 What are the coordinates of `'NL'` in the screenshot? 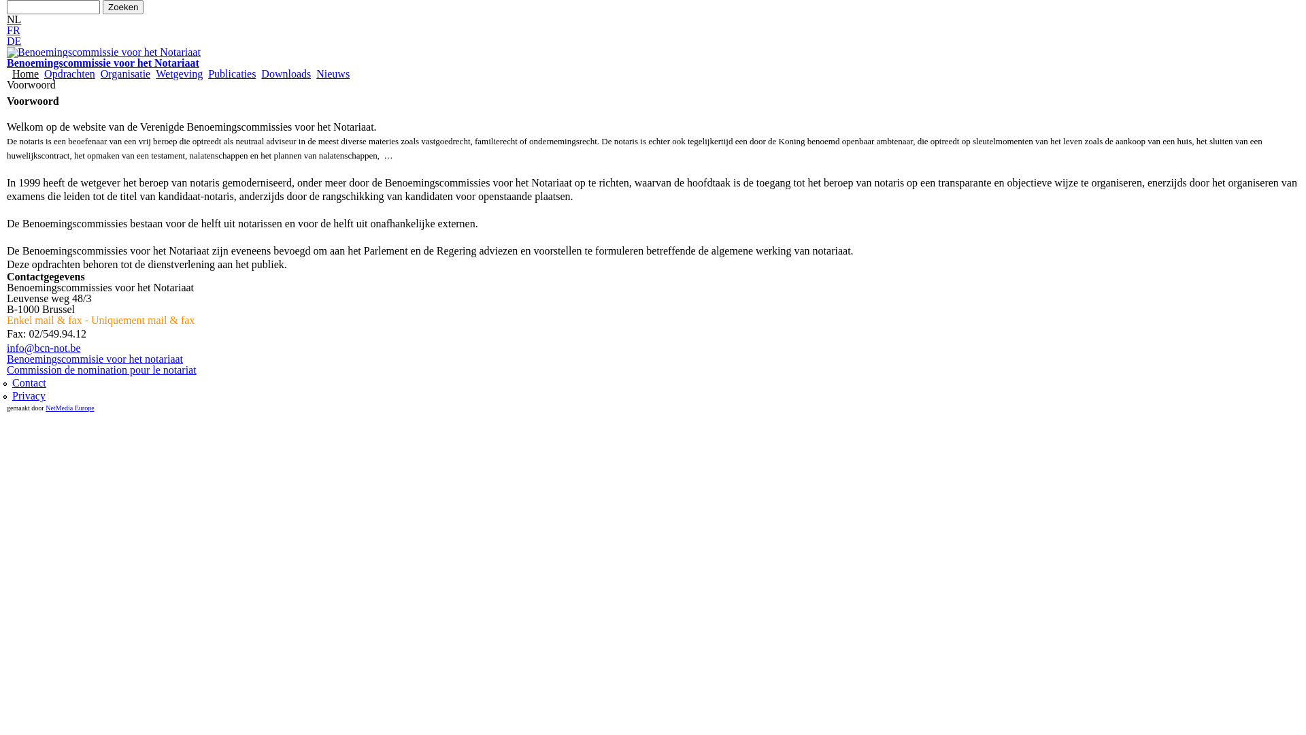 It's located at (14, 19).